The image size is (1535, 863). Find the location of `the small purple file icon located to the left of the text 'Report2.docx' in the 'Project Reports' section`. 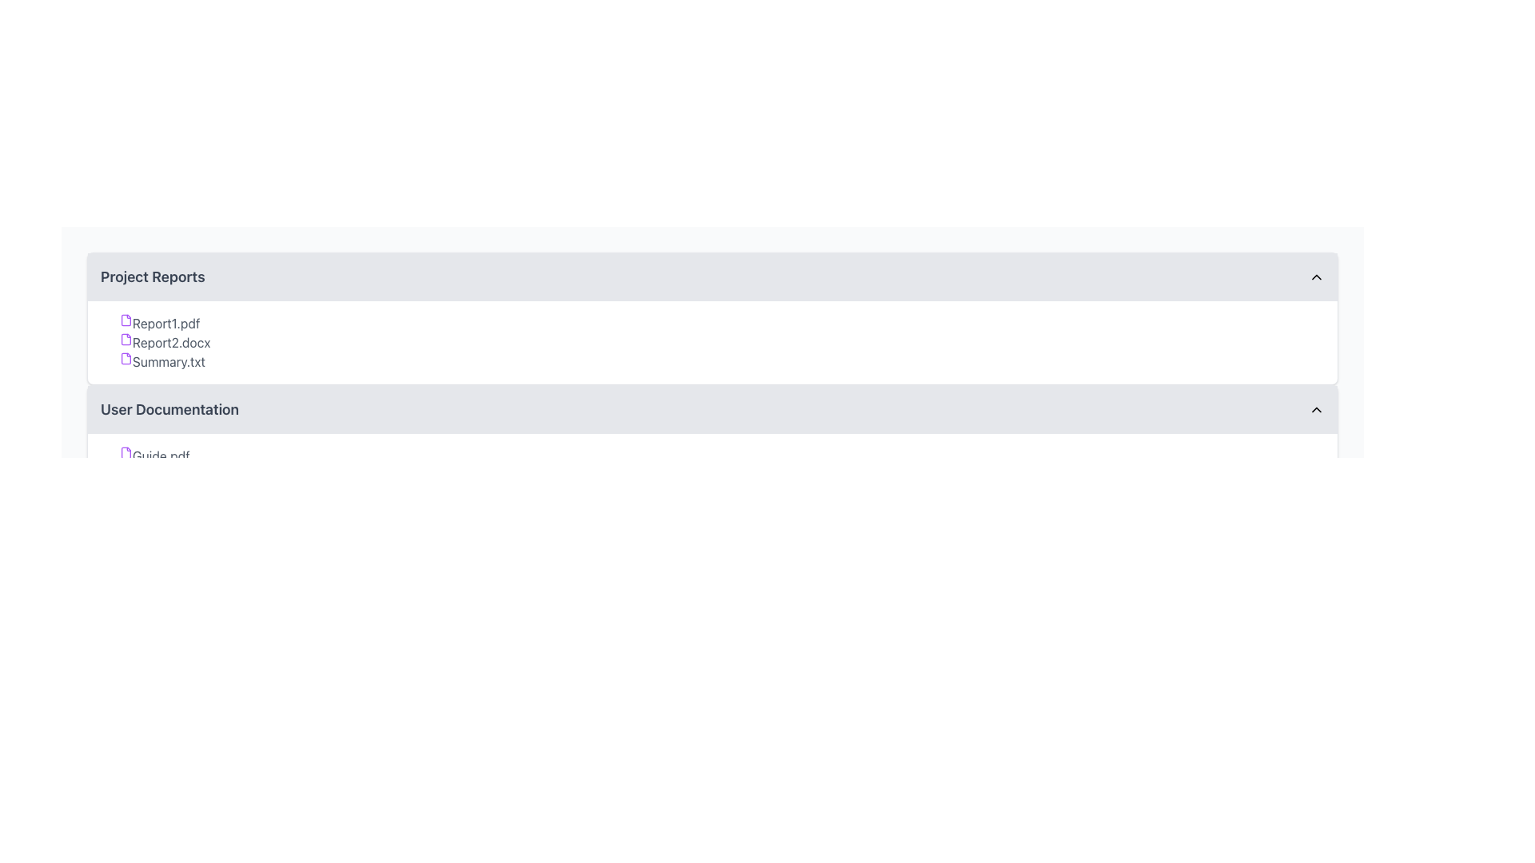

the small purple file icon located to the left of the text 'Report2.docx' in the 'Project Reports' section is located at coordinates (126, 338).